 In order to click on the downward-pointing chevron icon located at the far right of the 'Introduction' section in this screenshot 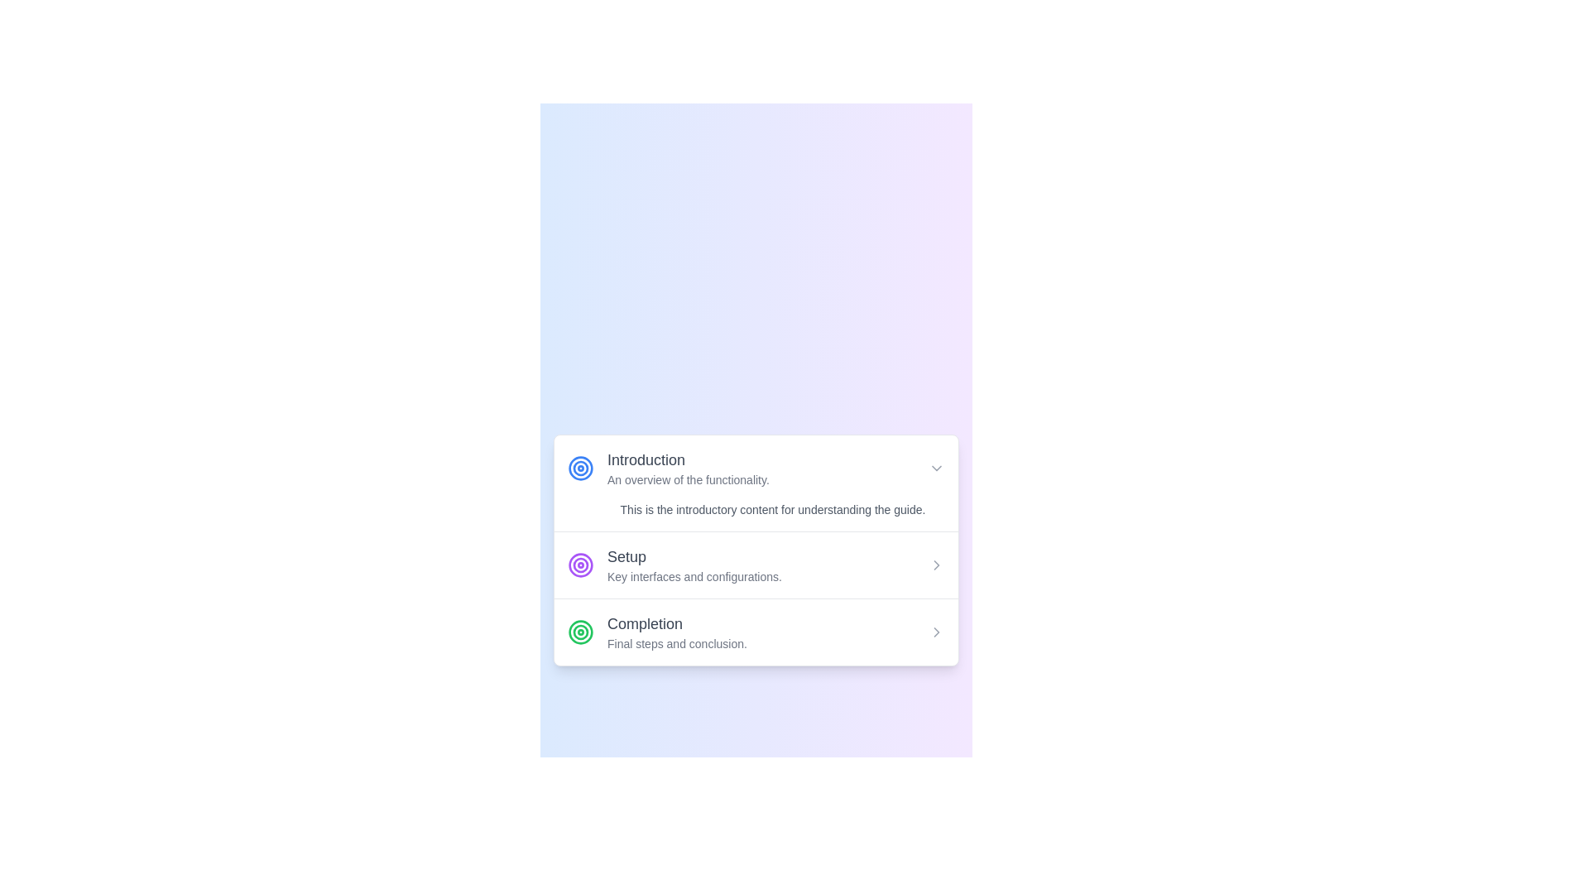, I will do `click(937, 469)`.